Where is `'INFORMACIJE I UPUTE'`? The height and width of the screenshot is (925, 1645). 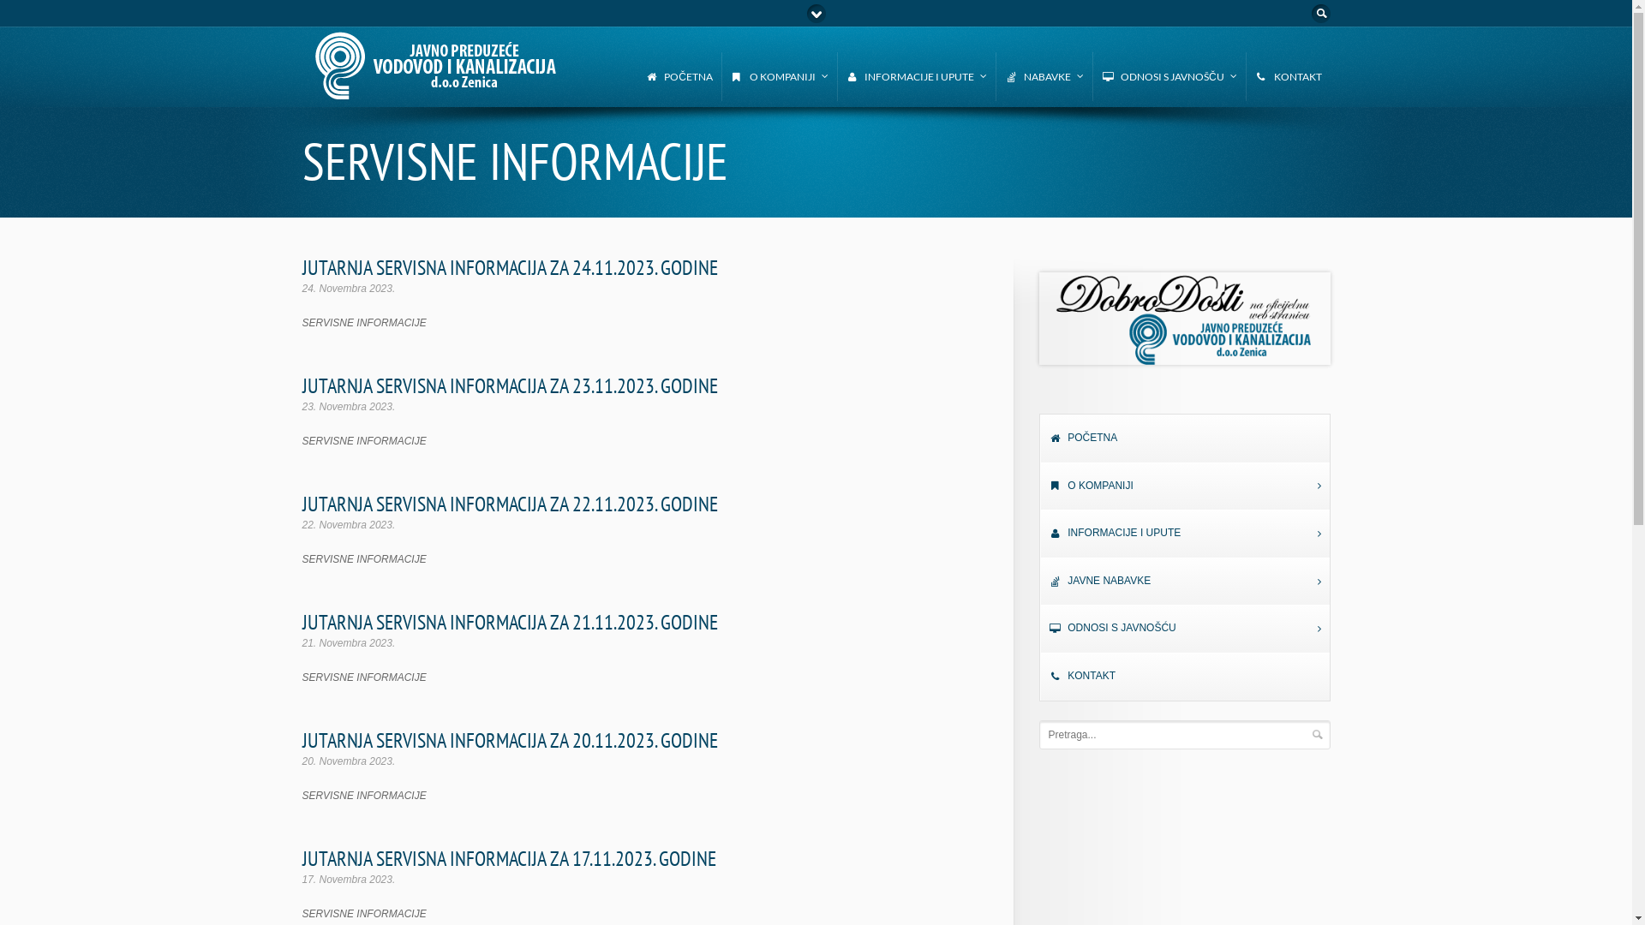 'INFORMACIJE I UPUTE' is located at coordinates (1183, 533).